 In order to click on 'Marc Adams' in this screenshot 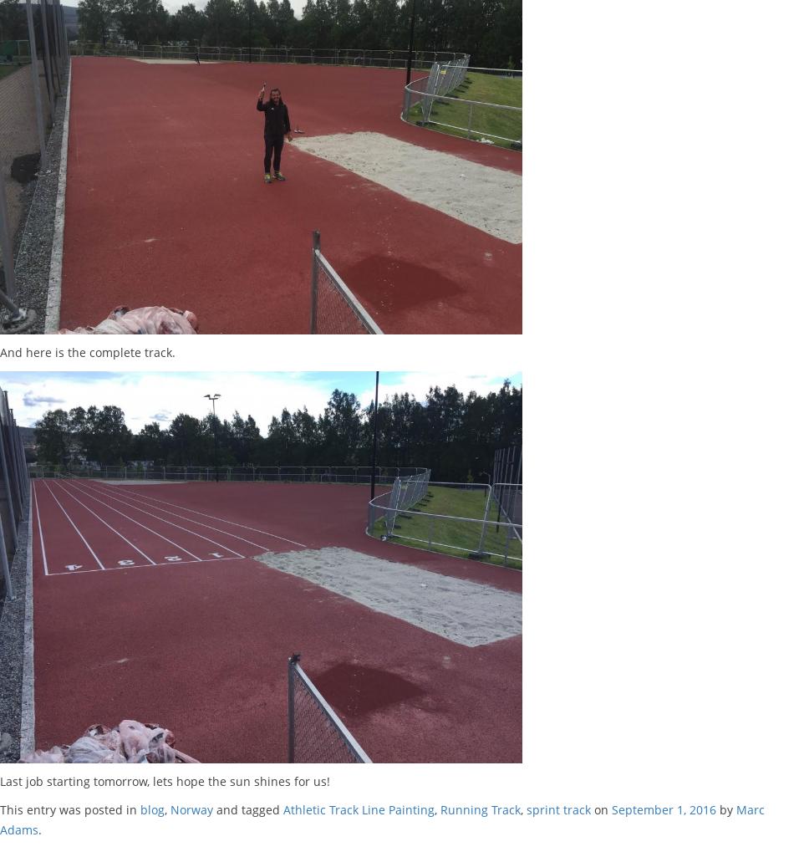, I will do `click(381, 819)`.